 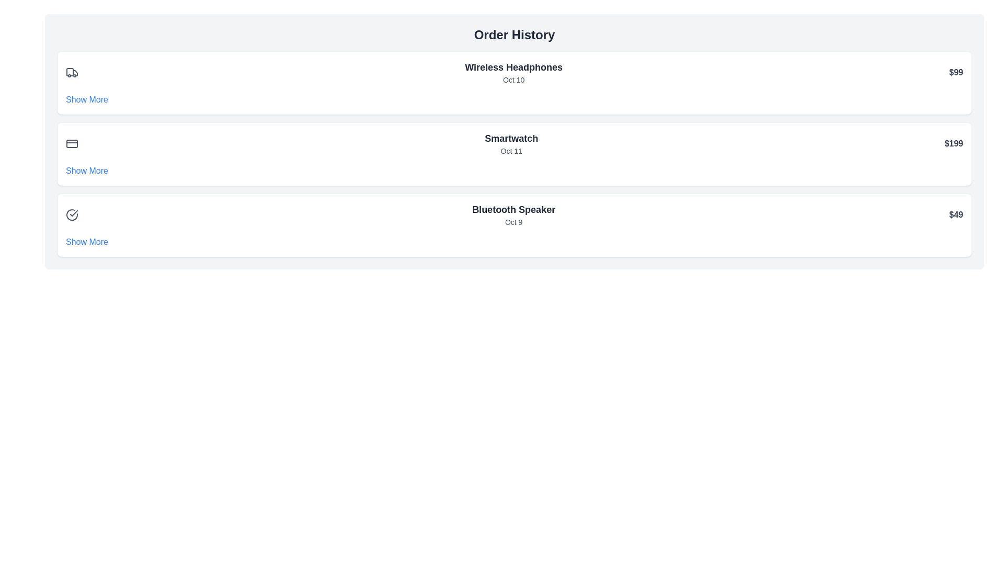 I want to click on the Information Display Card that contains the text 'Smartwatch' in bold, with the date 'Oct 11' below it and the price '$199' on the right, located in the second card of the 'Order History' section, so click(x=514, y=143).